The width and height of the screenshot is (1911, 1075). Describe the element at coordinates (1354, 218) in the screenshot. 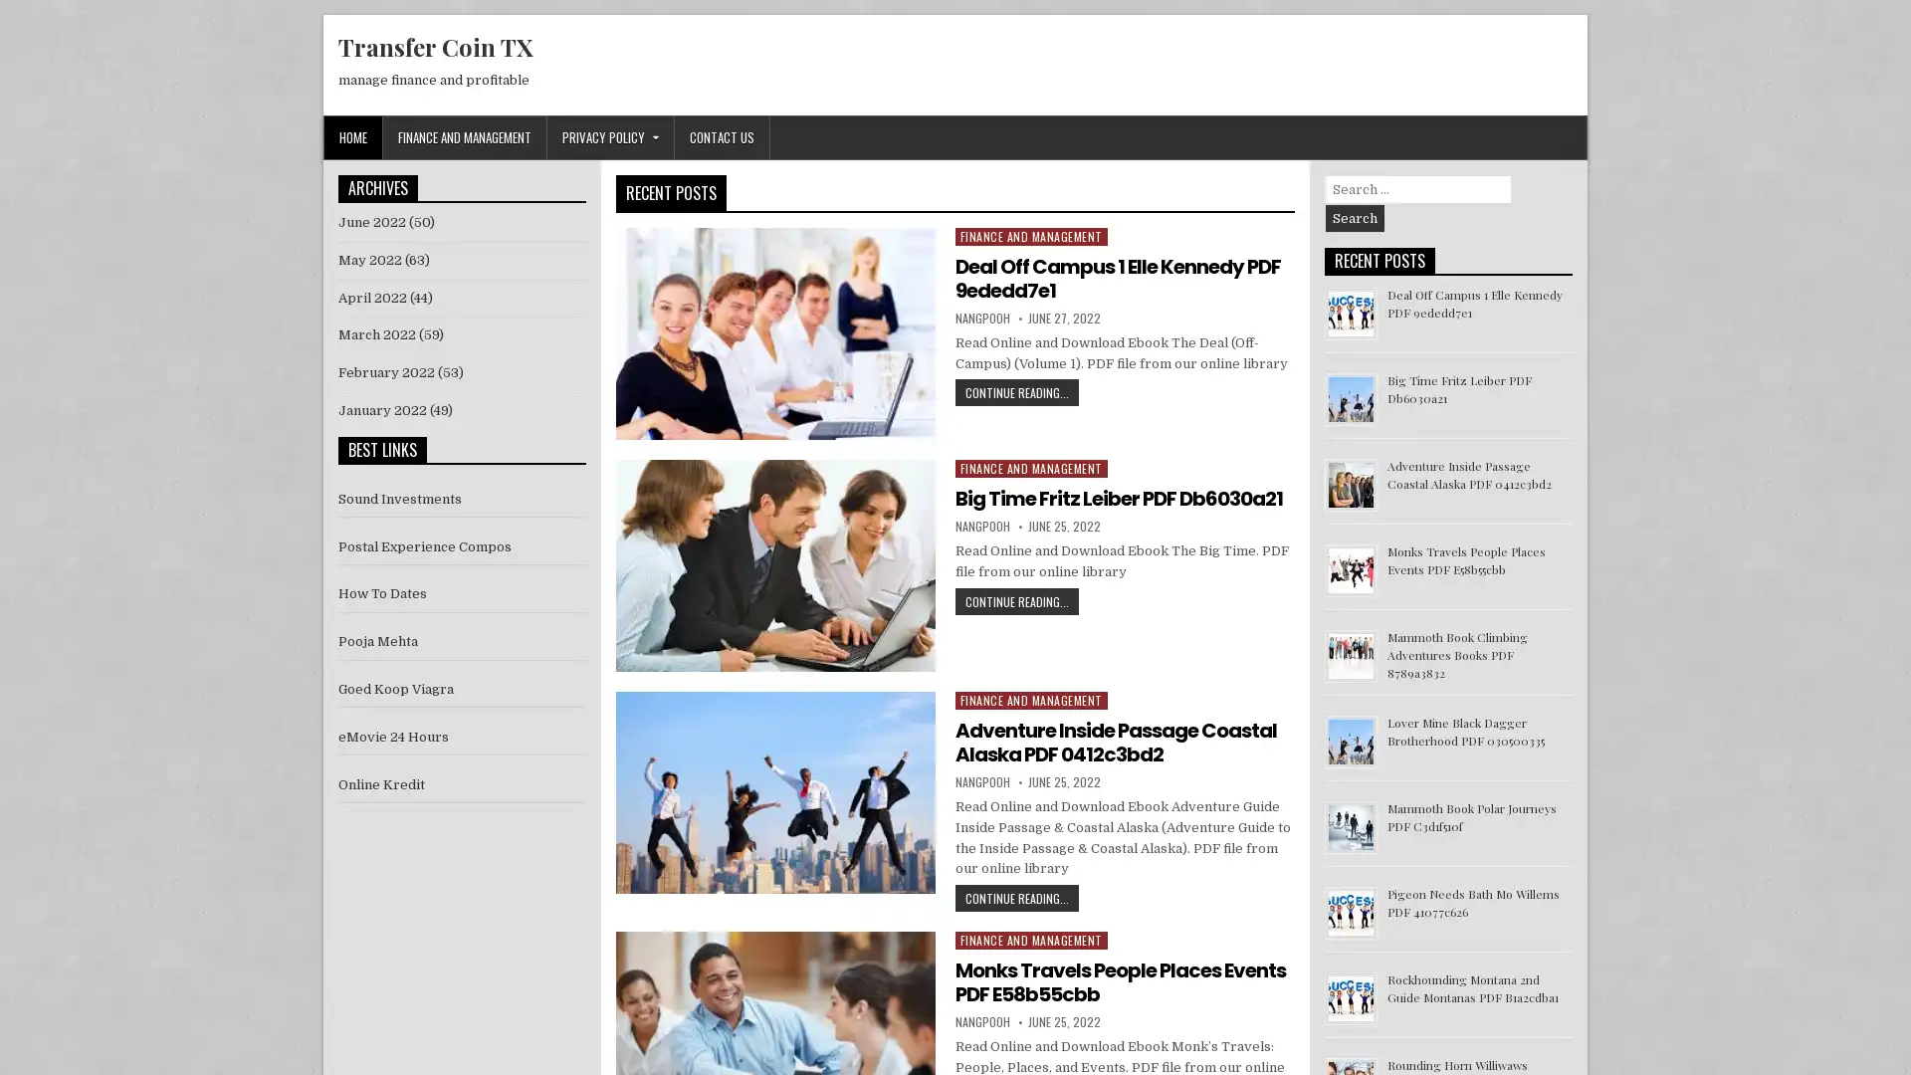

I see `Search` at that location.